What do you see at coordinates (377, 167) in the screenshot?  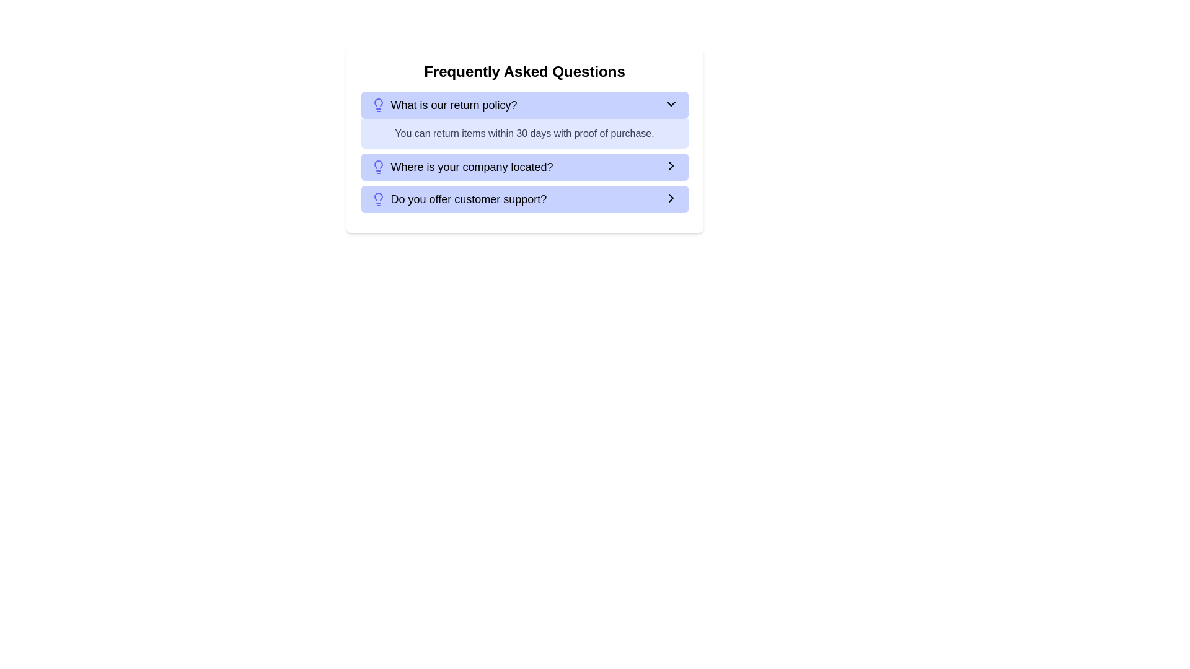 I see `the indigo lightbulb icon located to the left of the text 'Where is your company located?' in the second FAQ entry` at bounding box center [377, 167].